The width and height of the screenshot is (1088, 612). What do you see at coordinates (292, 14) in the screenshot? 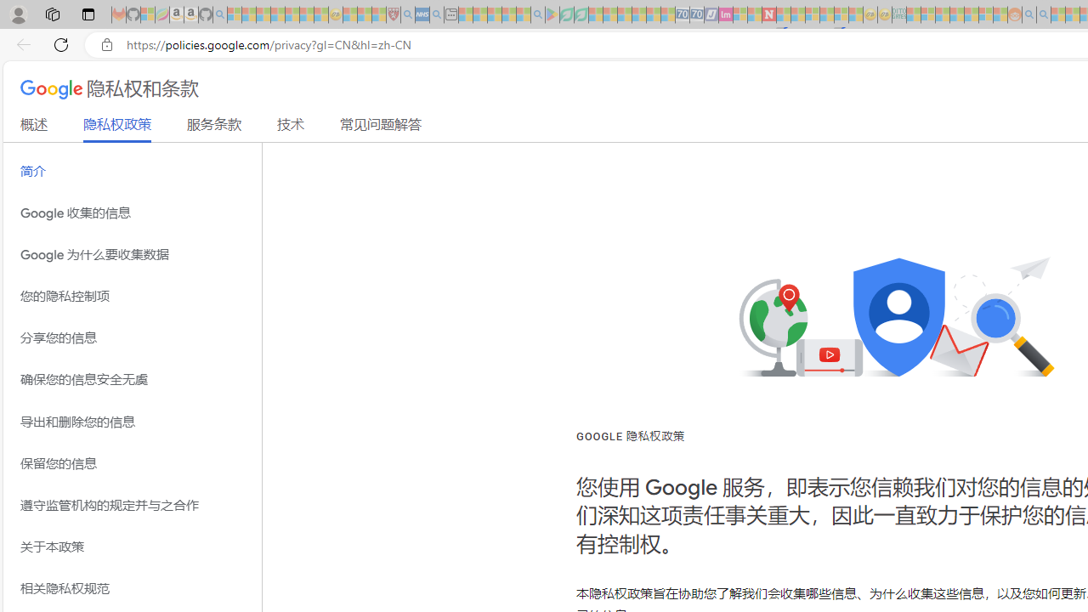
I see `'New Report Confirms 2023 Was Record Hot | Watch - Sleeping'` at bounding box center [292, 14].